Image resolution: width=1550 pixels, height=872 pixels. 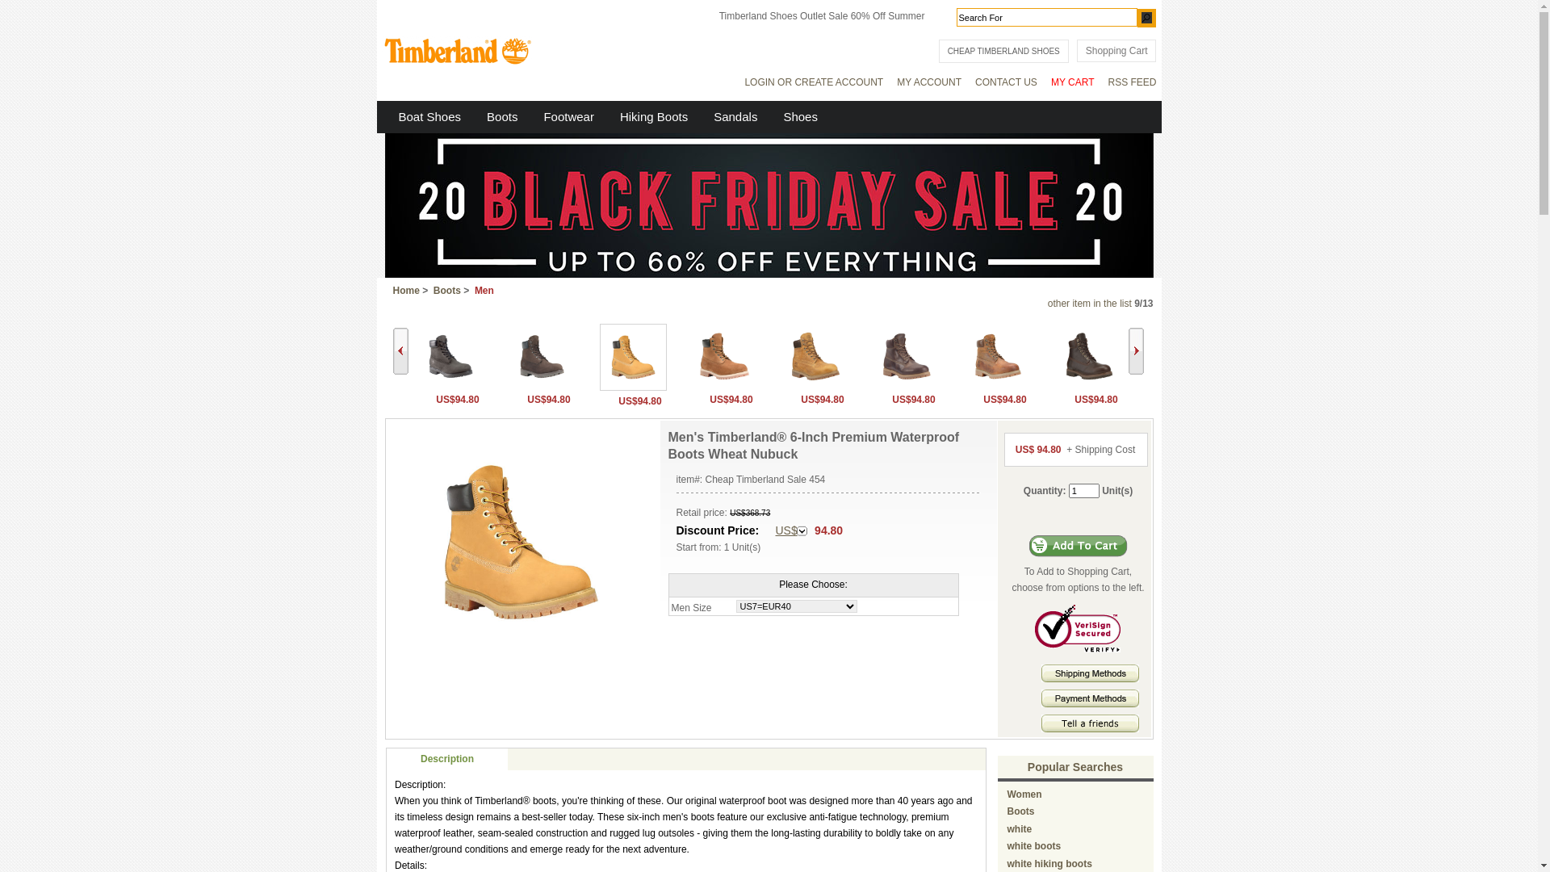 What do you see at coordinates (1073, 81) in the screenshot?
I see `'MY CART'` at bounding box center [1073, 81].